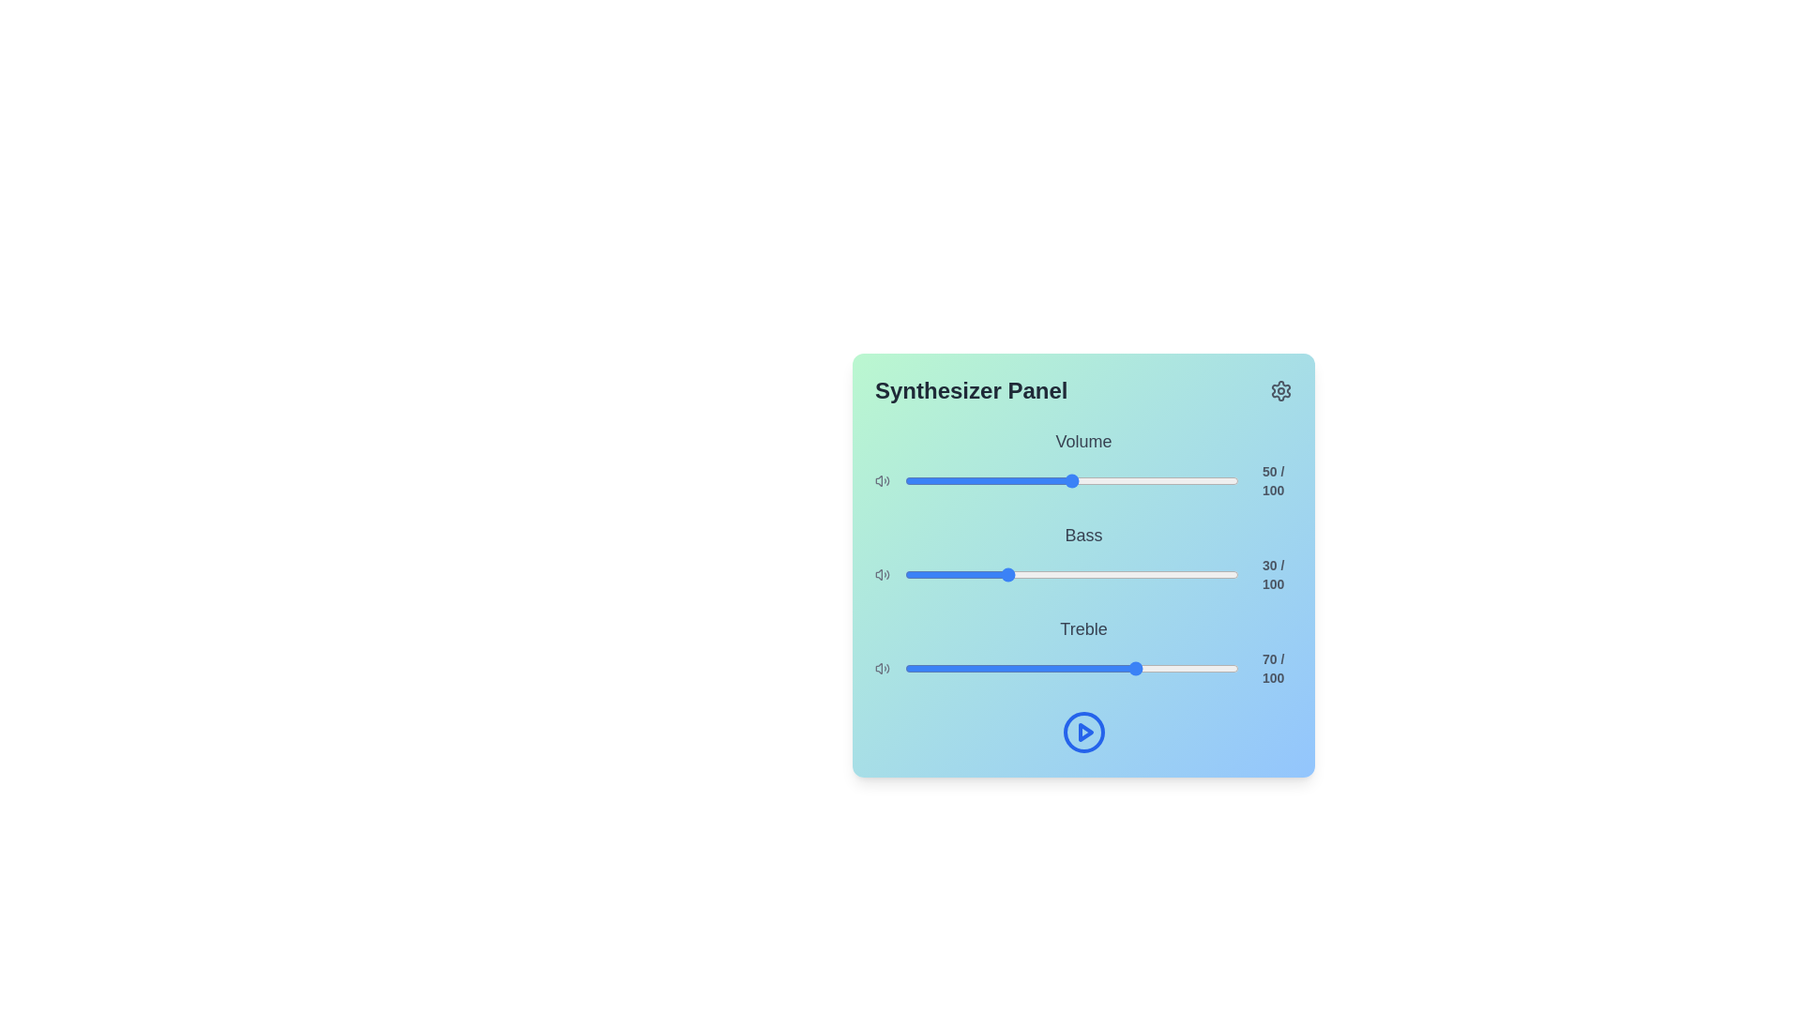 This screenshot has height=1013, width=1801. What do you see at coordinates (1198, 574) in the screenshot?
I see `the bass slider to set the bass level to 88` at bounding box center [1198, 574].